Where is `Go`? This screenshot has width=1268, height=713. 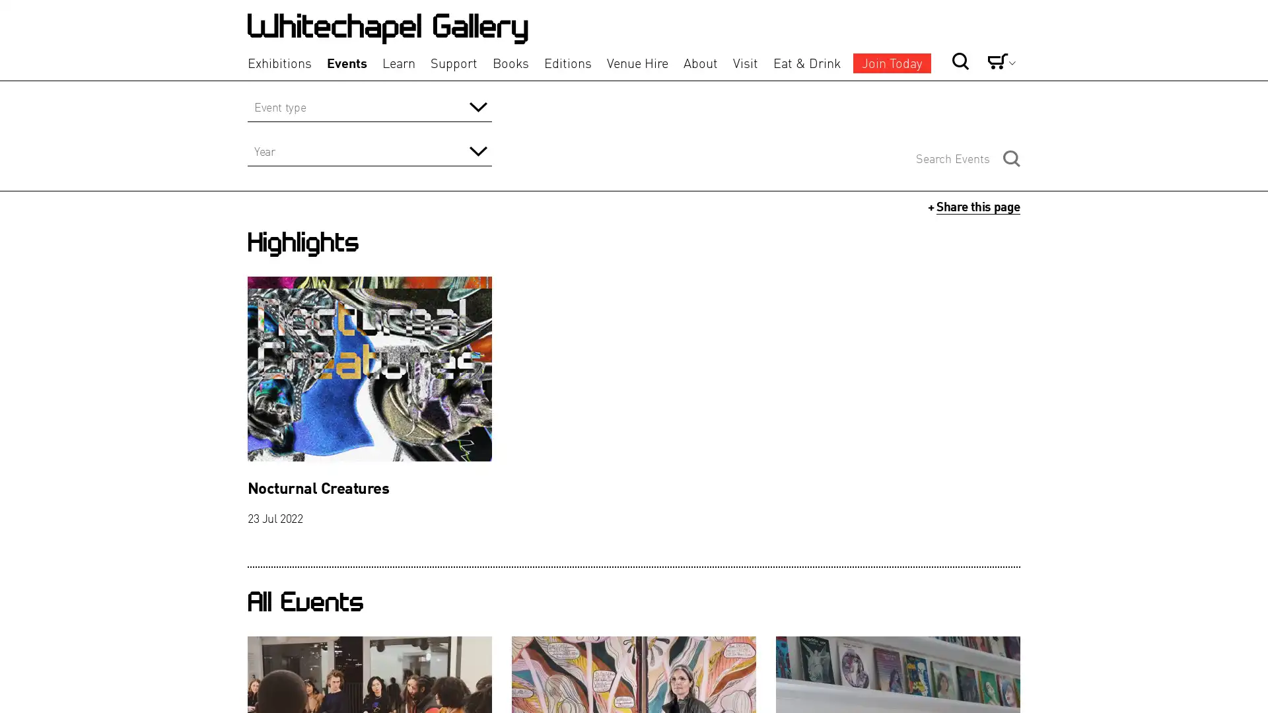 Go is located at coordinates (915, 38).